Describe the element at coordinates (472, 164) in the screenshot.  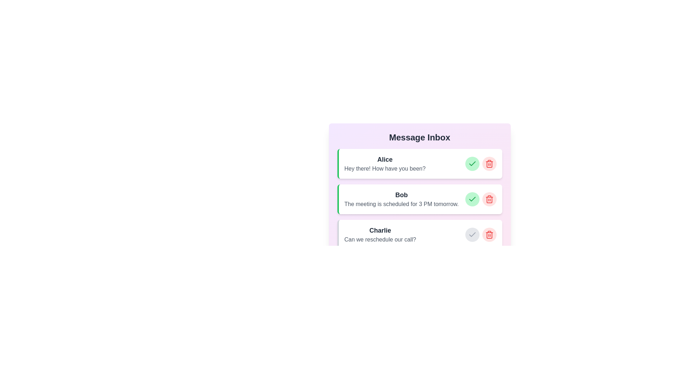
I see `the check button of the message with sender Alice to toggle its status` at that location.